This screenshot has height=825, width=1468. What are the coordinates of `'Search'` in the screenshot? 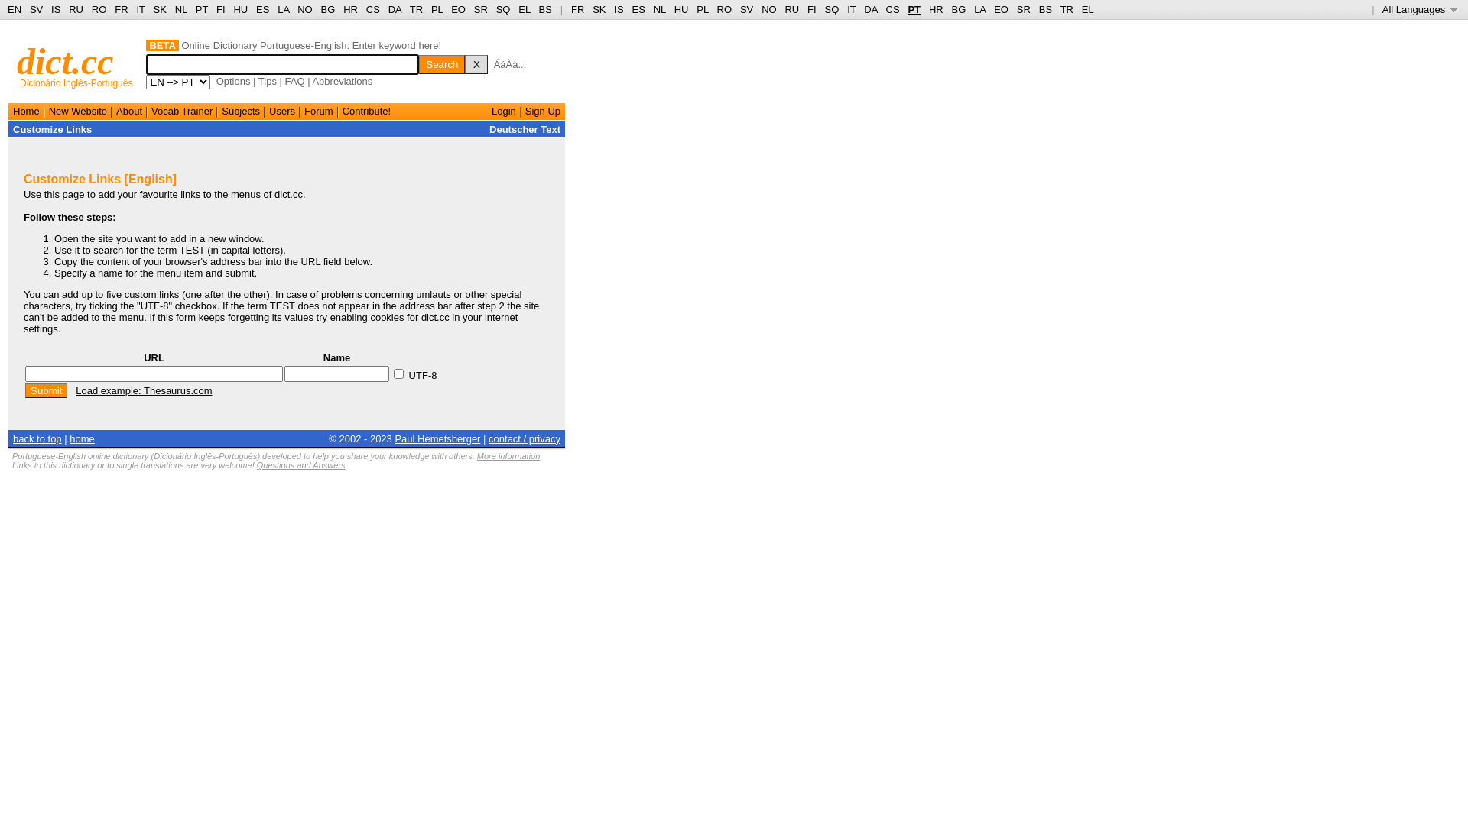 It's located at (440, 63).